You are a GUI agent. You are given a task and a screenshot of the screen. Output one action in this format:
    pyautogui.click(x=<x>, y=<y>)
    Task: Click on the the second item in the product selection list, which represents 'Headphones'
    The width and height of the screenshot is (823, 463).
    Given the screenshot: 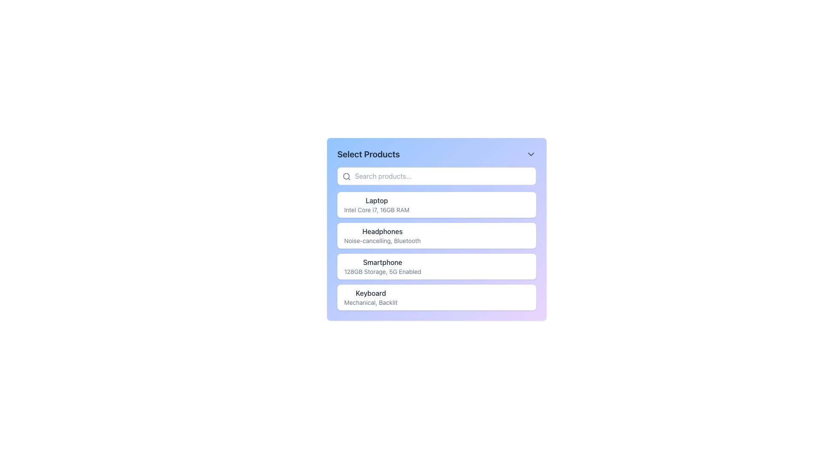 What is the action you would take?
    pyautogui.click(x=436, y=229)
    